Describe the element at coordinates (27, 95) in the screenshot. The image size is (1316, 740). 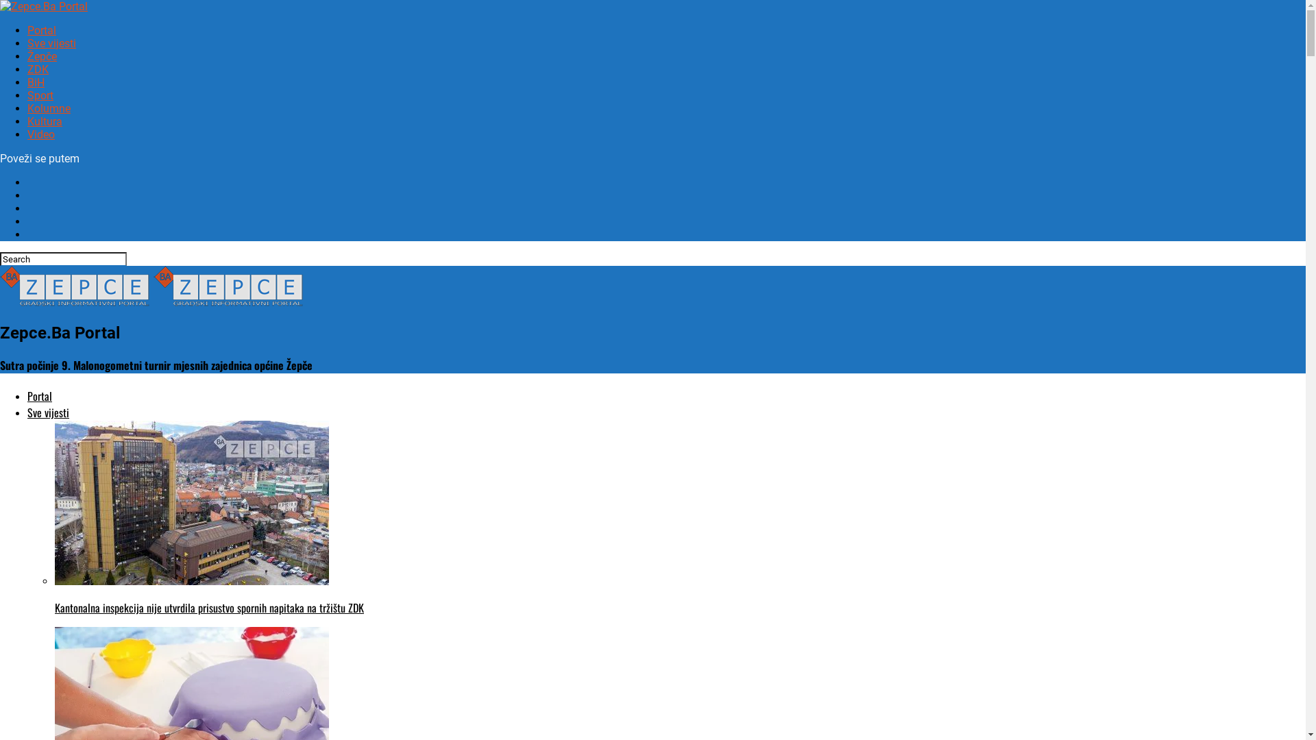
I see `'Sport'` at that location.